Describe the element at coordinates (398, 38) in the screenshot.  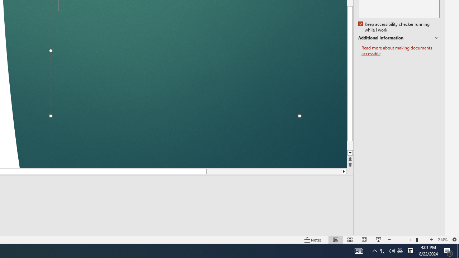
I see `'Additional Information'` at that location.